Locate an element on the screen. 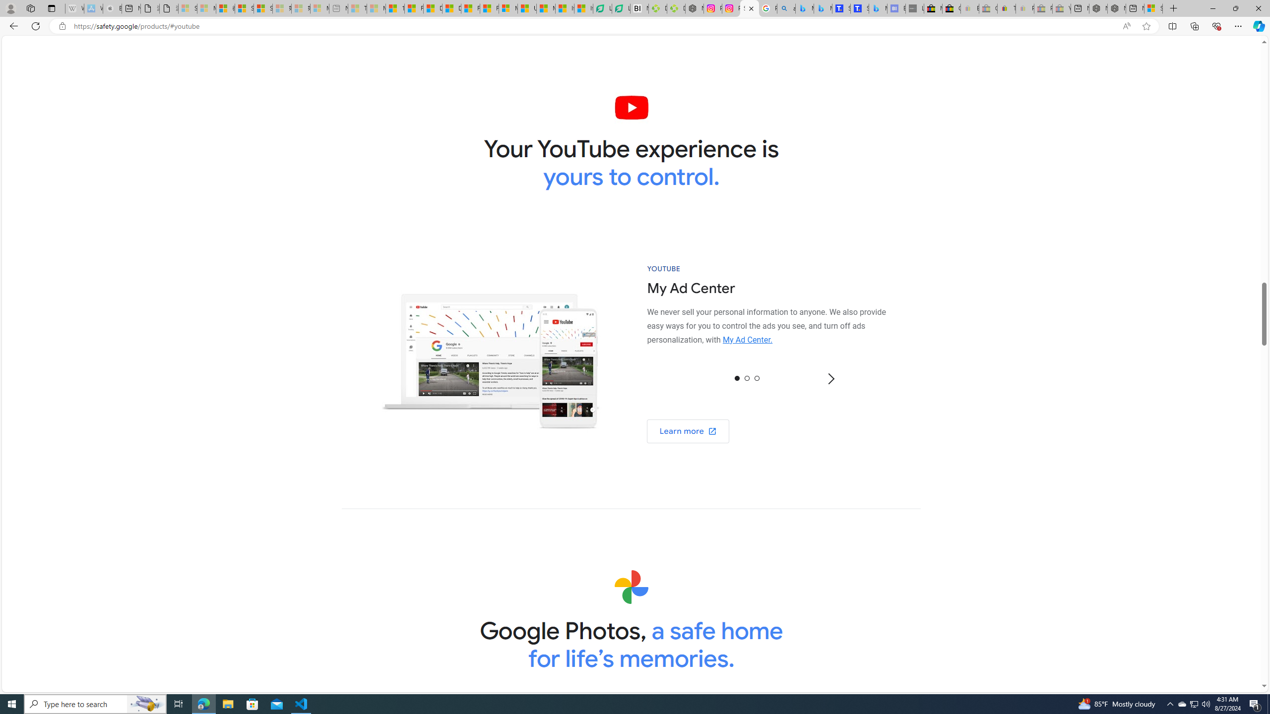  'Learn more about YouTube' is located at coordinates (688, 431).